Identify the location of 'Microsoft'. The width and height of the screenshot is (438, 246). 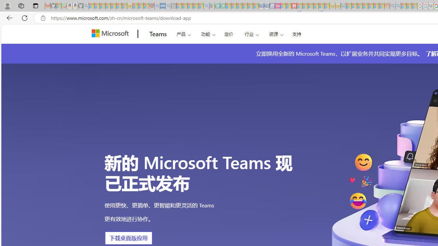
(112, 34).